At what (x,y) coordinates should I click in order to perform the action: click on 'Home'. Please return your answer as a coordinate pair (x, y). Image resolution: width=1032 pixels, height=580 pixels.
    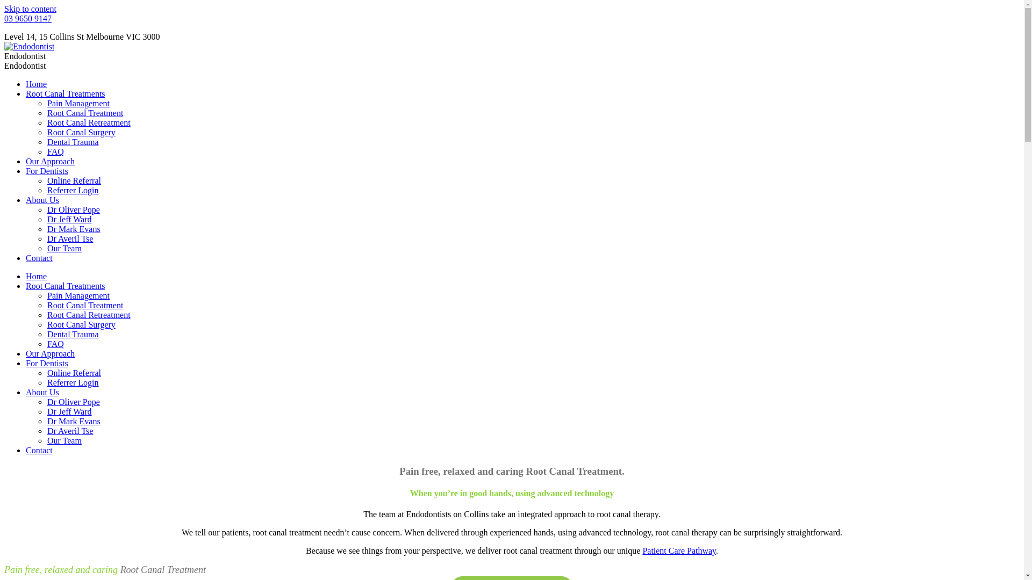
    Looking at the image, I should click on (26, 83).